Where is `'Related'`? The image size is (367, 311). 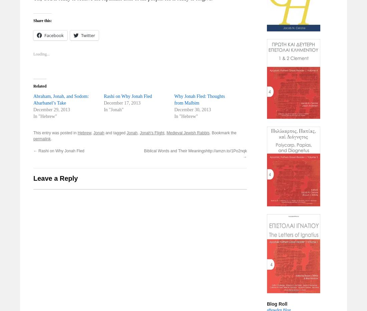 'Related' is located at coordinates (40, 86).